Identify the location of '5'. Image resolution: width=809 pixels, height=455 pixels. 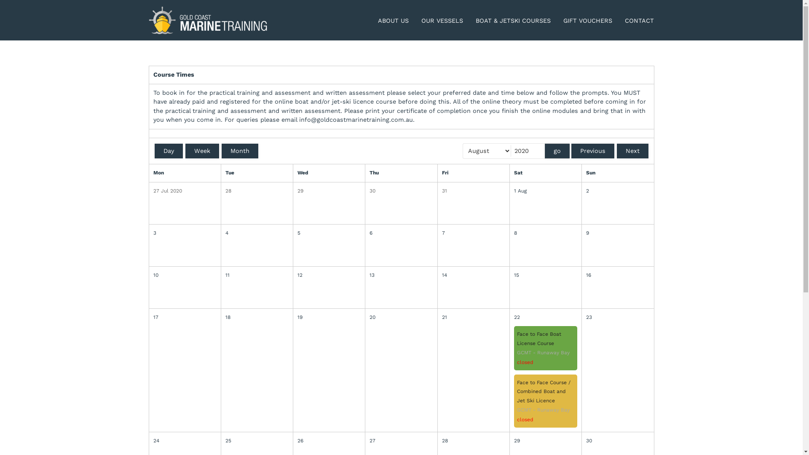
(329, 233).